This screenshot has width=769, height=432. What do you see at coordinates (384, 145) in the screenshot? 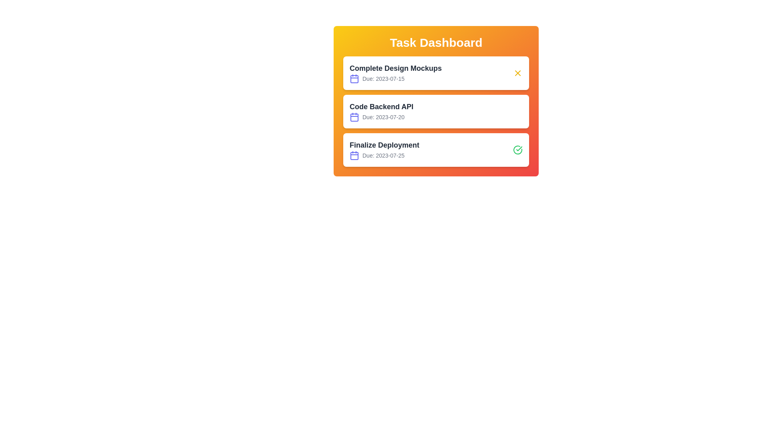
I see `the task title Finalize Deployment` at bounding box center [384, 145].